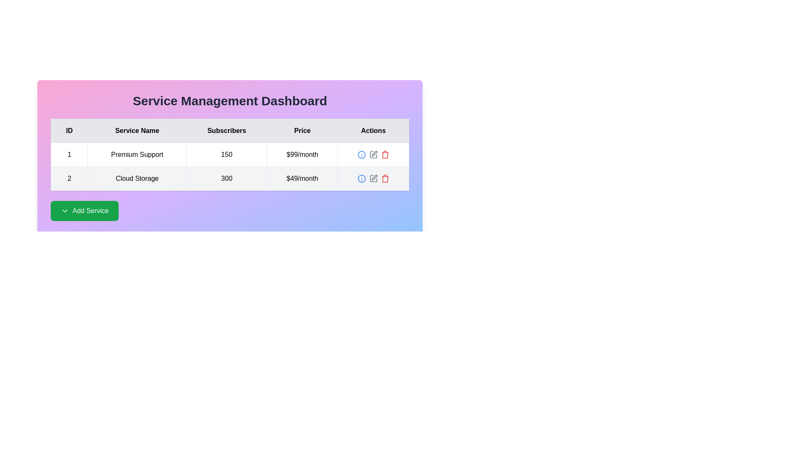 Image resolution: width=805 pixels, height=453 pixels. I want to click on the pencil icon in the second row of the 'Actions' column in the 'Service Management Dashboard', so click(374, 154).